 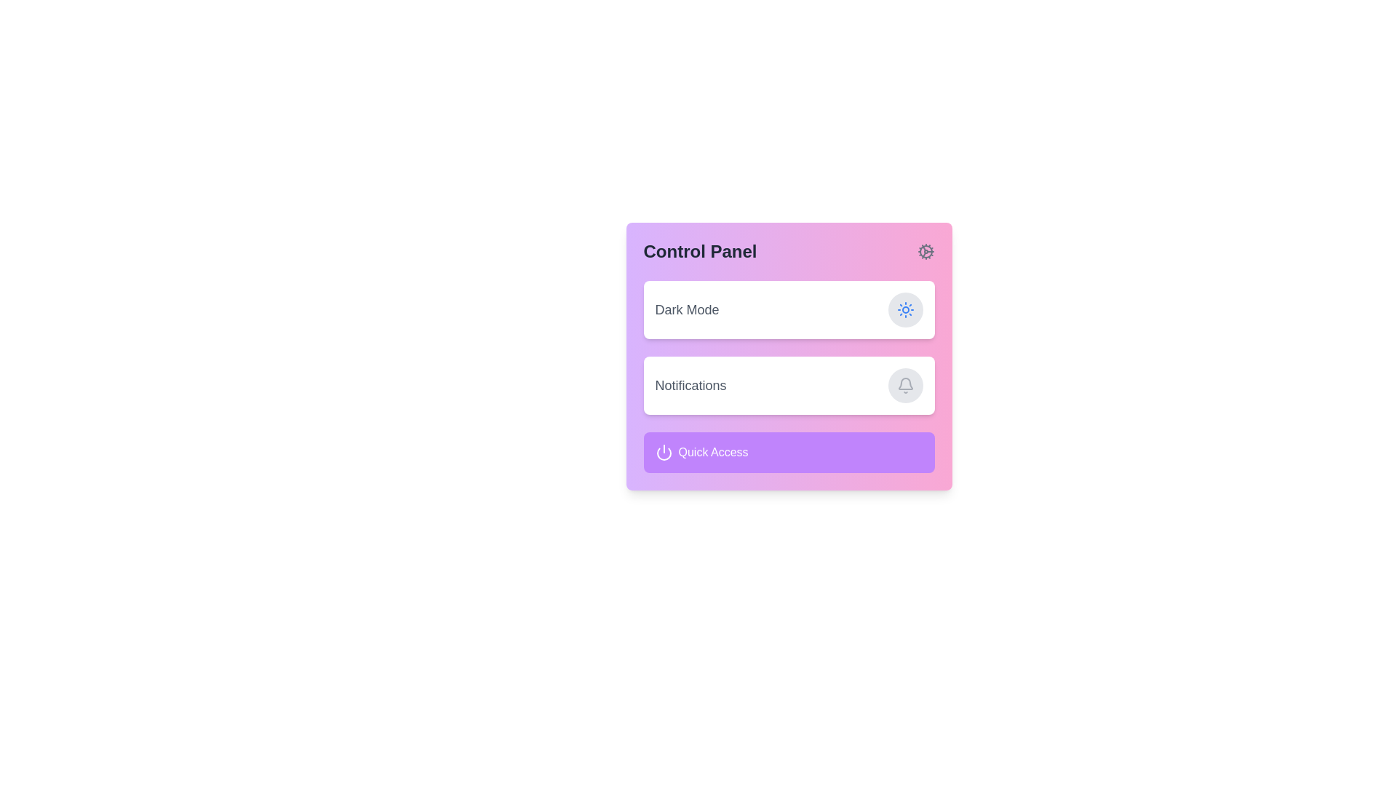 What do you see at coordinates (904, 384) in the screenshot?
I see `the circular gray button with a bell icon located in the top-right corner of the 'Notifications' section` at bounding box center [904, 384].